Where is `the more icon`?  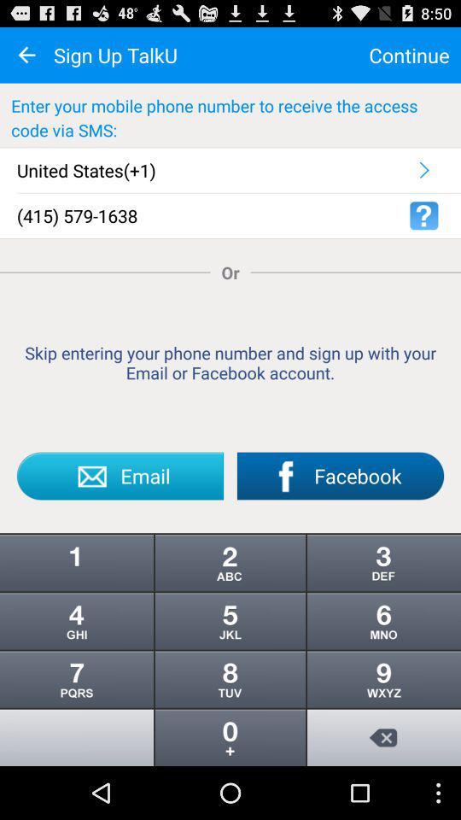 the more icon is located at coordinates (383, 602).